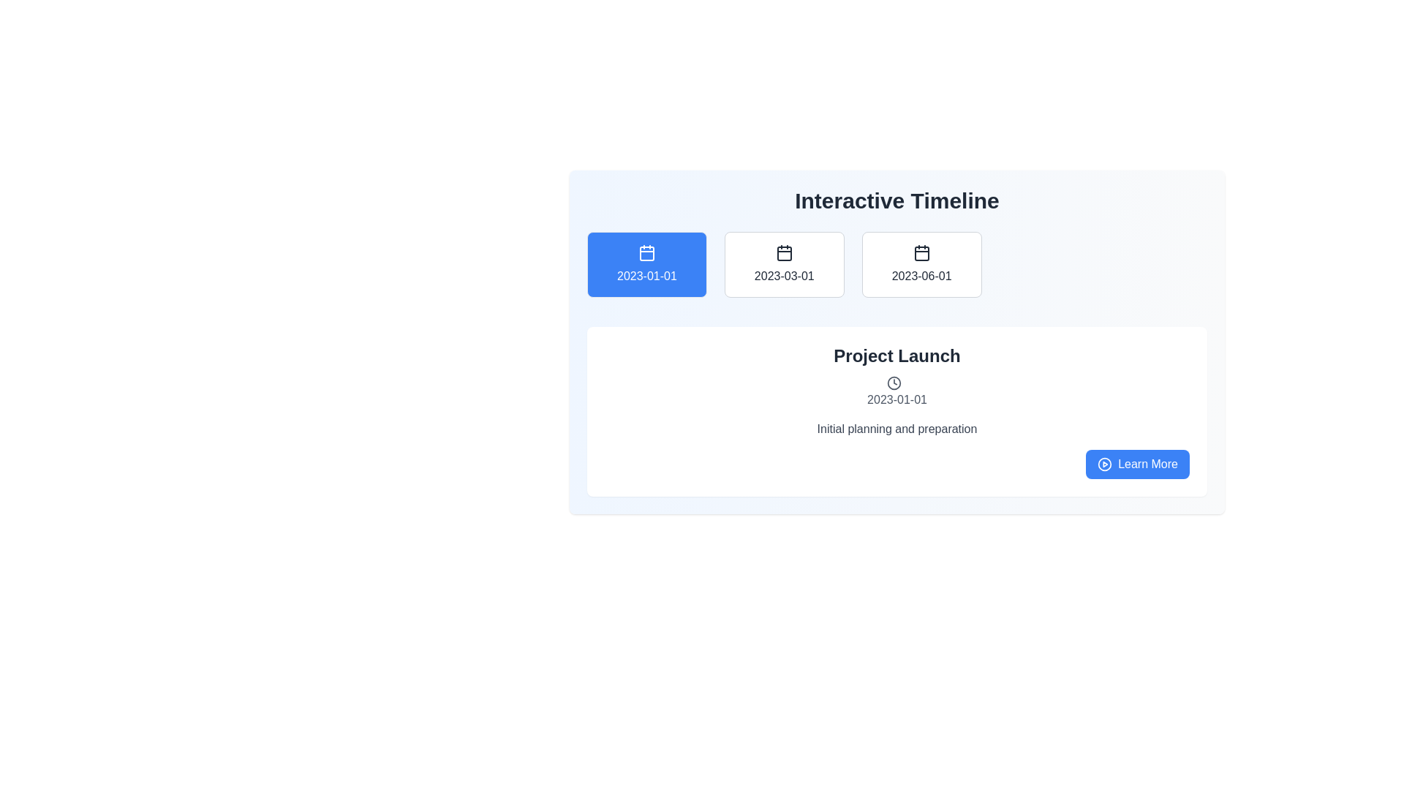 The height and width of the screenshot is (790, 1404). I want to click on the calendar icon within the blue rectangular button labeled '2023-01-01', which is the first element among three buttons at the top of the interface, so click(646, 252).